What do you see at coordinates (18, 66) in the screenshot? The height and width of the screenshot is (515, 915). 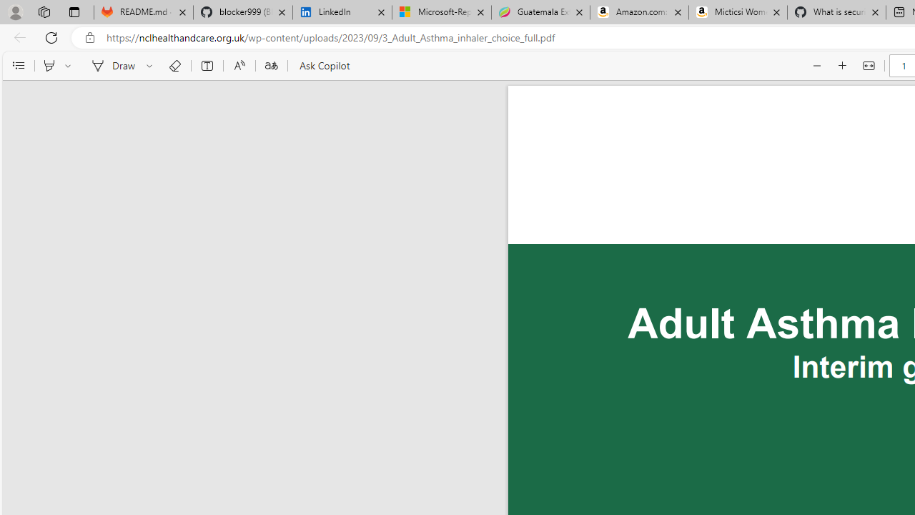 I see `'Contents'` at bounding box center [18, 66].